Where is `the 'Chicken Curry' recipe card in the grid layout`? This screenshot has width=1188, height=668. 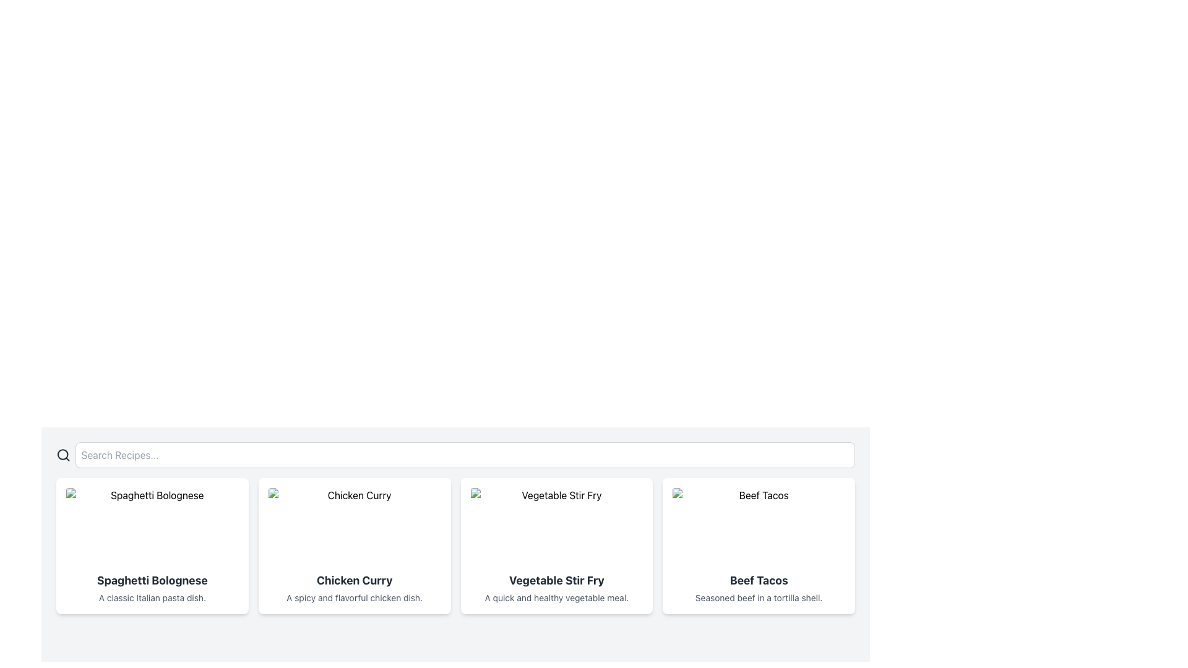 the 'Chicken Curry' recipe card in the grid layout is located at coordinates (354, 546).